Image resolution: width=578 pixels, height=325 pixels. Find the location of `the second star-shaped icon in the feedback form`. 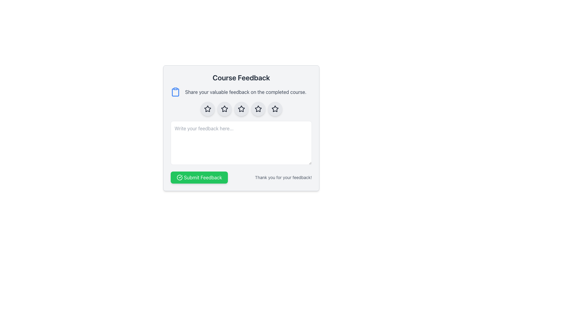

the second star-shaped icon in the feedback form is located at coordinates (224, 109).